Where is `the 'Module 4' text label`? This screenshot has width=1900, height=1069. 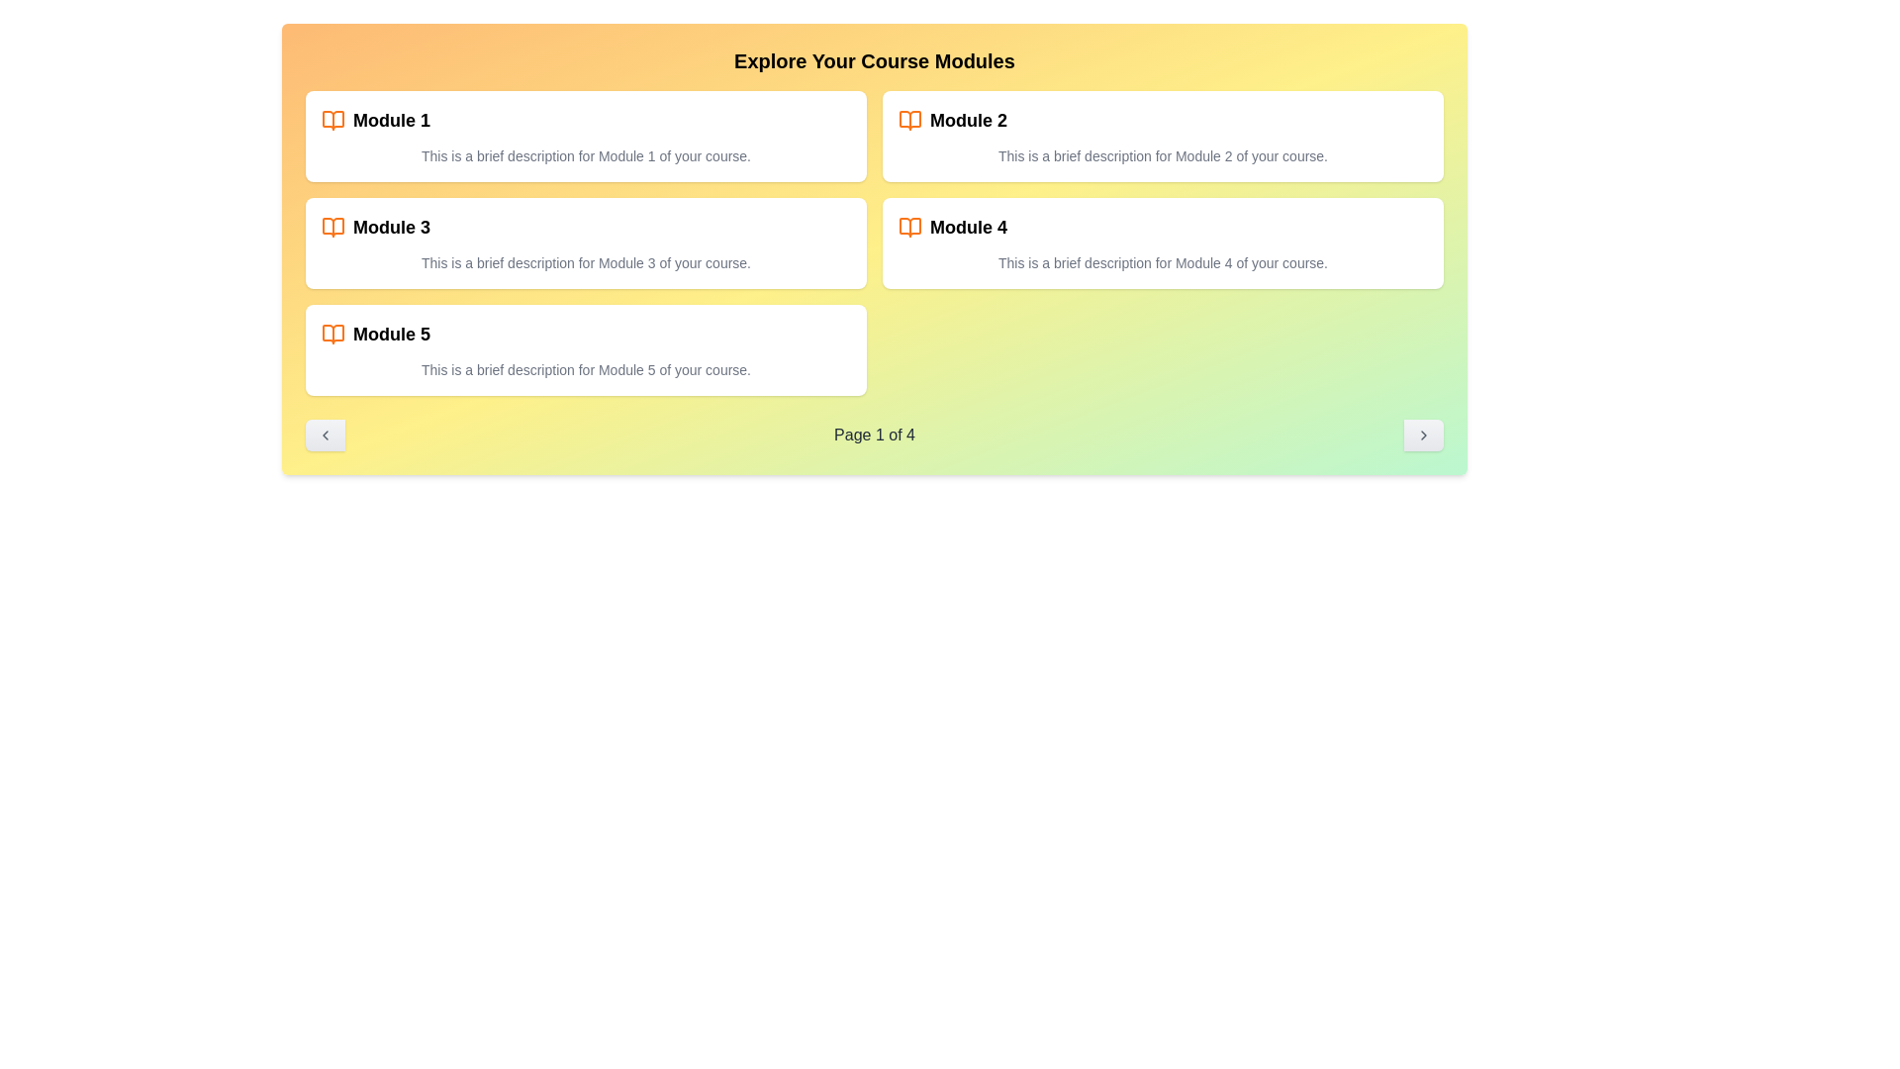 the 'Module 4' text label is located at coordinates (969, 227).